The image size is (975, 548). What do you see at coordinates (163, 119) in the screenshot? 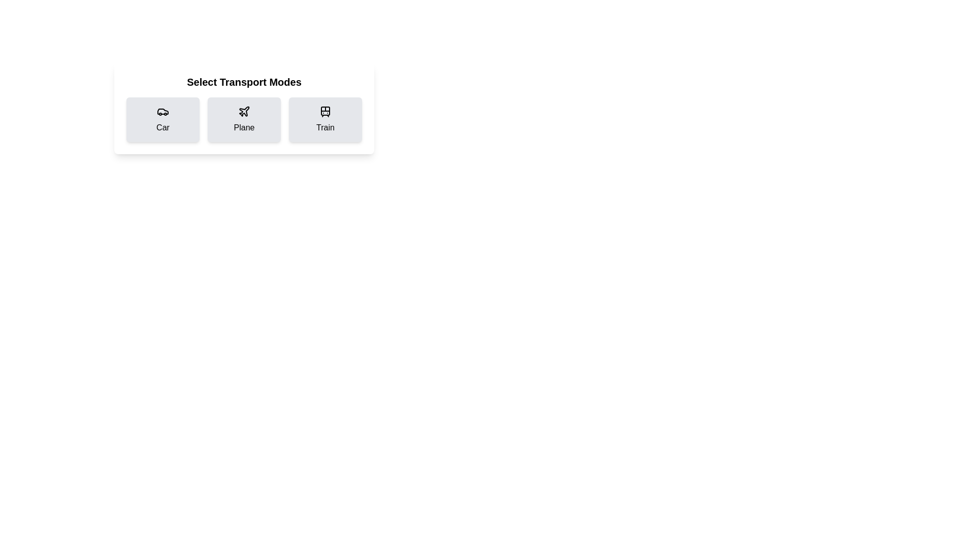
I see `the card representing the transport mode Car to select it` at bounding box center [163, 119].